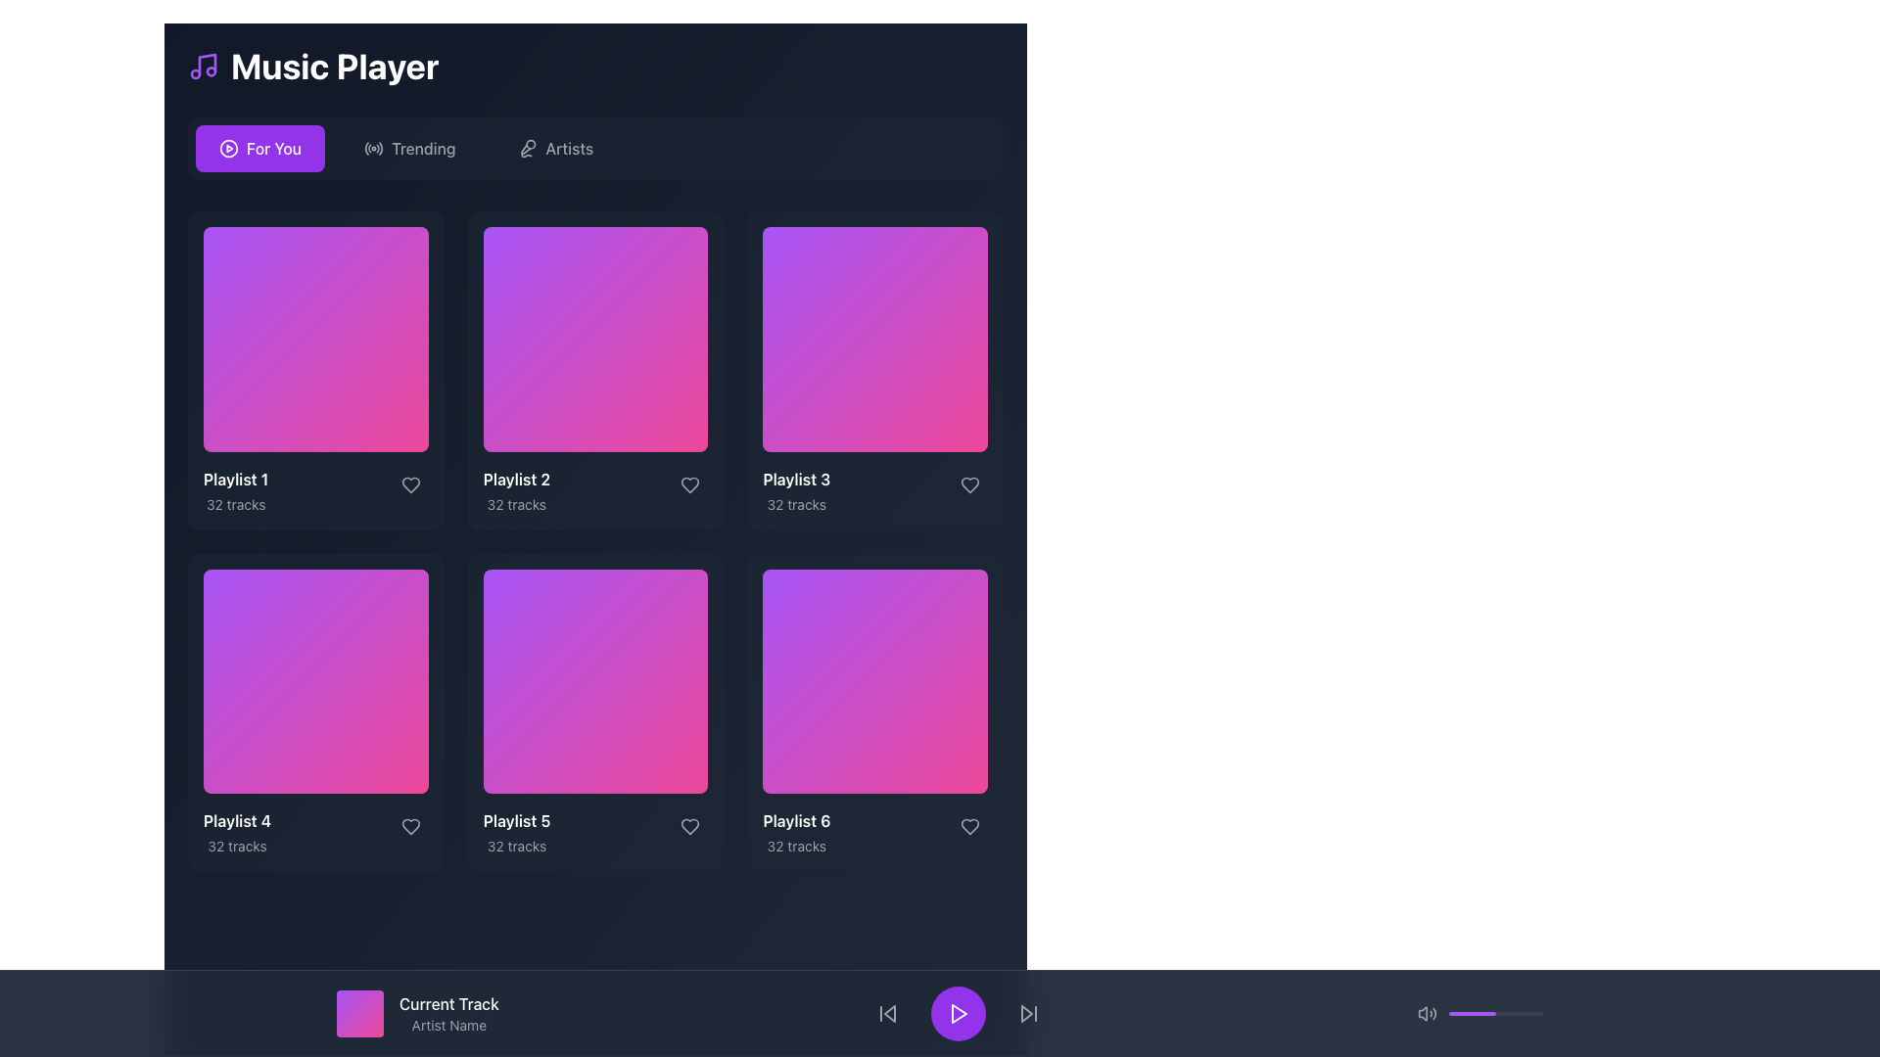 This screenshot has height=1057, width=1880. What do you see at coordinates (447, 1004) in the screenshot?
I see `Text Label indicating the title of the currently playing track in the music player application, located at the bottom of the interface and aligned beside the thumbnail icon` at bounding box center [447, 1004].